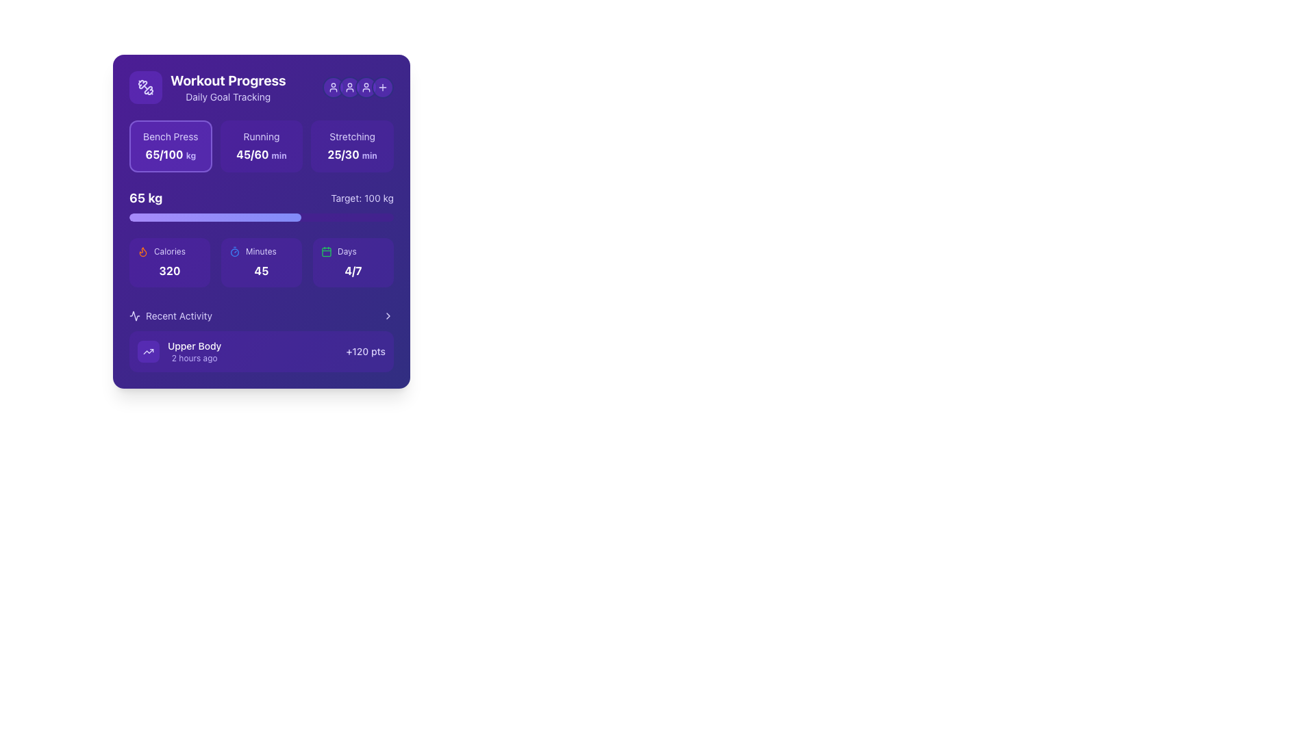 Image resolution: width=1315 pixels, height=739 pixels. What do you see at coordinates (347, 251) in the screenshot?
I see `the 'Days' text label, which indicates the unit of time being measured in the time tracking feature, located to the right of the green calendar icon within the workout progress widget` at bounding box center [347, 251].